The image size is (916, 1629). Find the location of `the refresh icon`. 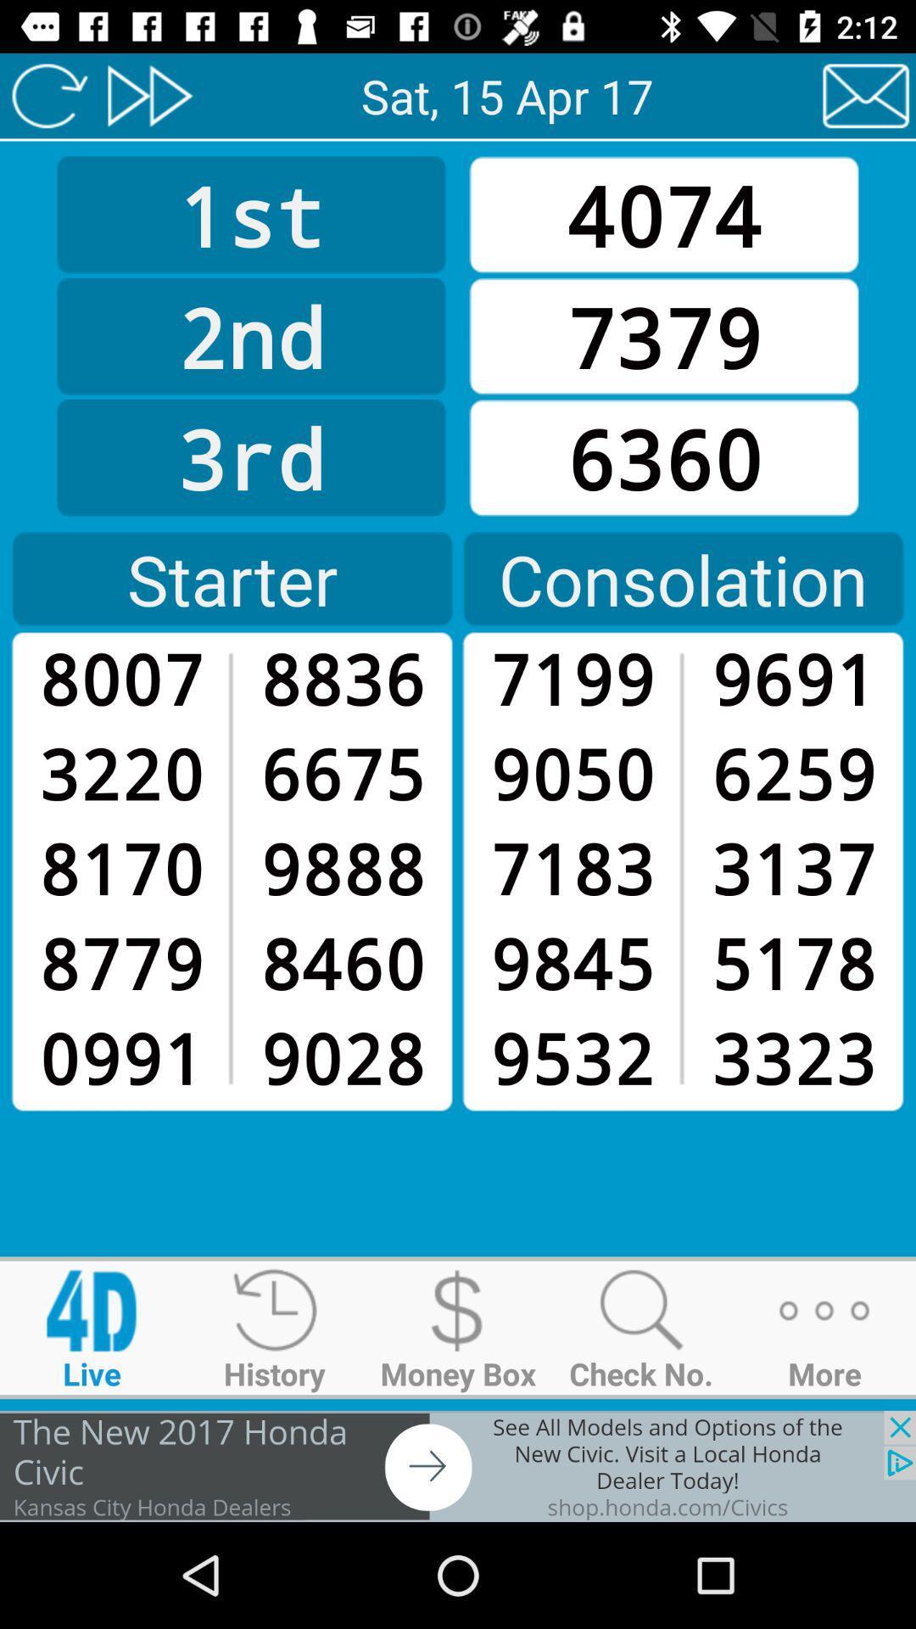

the refresh icon is located at coordinates (48, 95).